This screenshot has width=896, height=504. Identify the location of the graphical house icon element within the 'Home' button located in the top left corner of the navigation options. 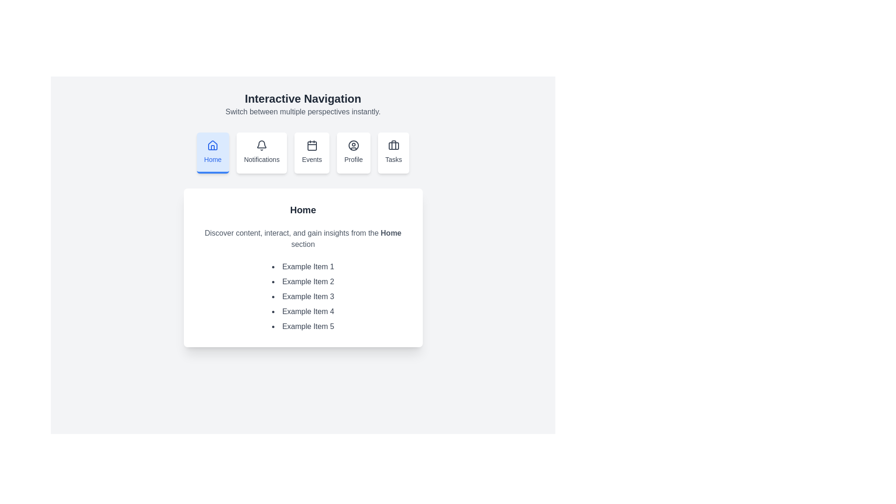
(212, 147).